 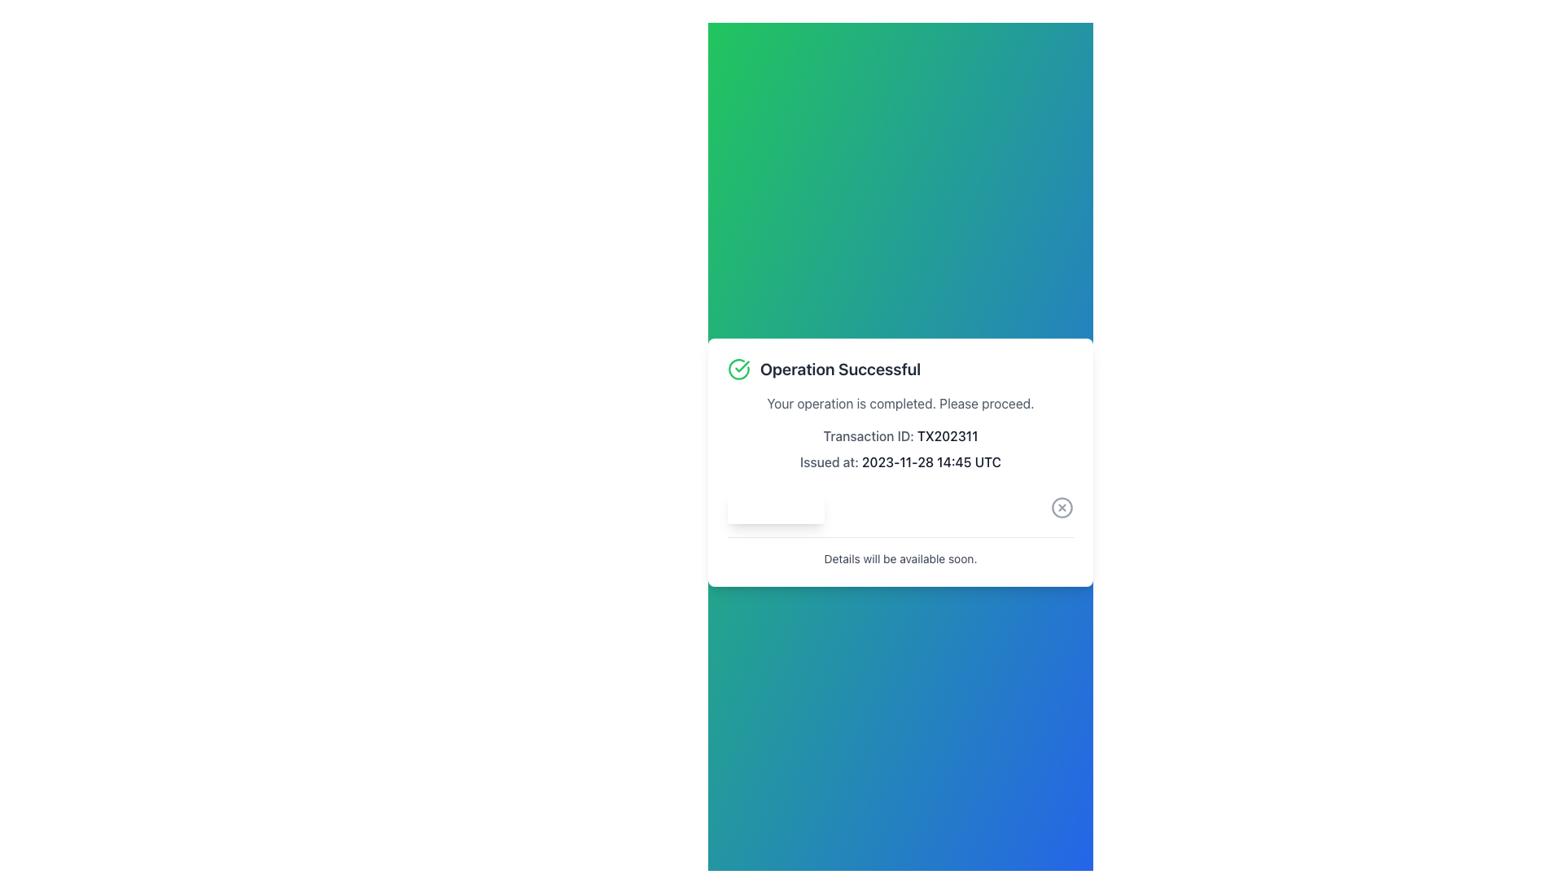 What do you see at coordinates (900, 448) in the screenshot?
I see `information displayed in the text block containing 'Transaction ID: TX202311' and 'Issued at: 2023-11-28 14:45 UTC', which is located below the main title and description within a white dialog box` at bounding box center [900, 448].